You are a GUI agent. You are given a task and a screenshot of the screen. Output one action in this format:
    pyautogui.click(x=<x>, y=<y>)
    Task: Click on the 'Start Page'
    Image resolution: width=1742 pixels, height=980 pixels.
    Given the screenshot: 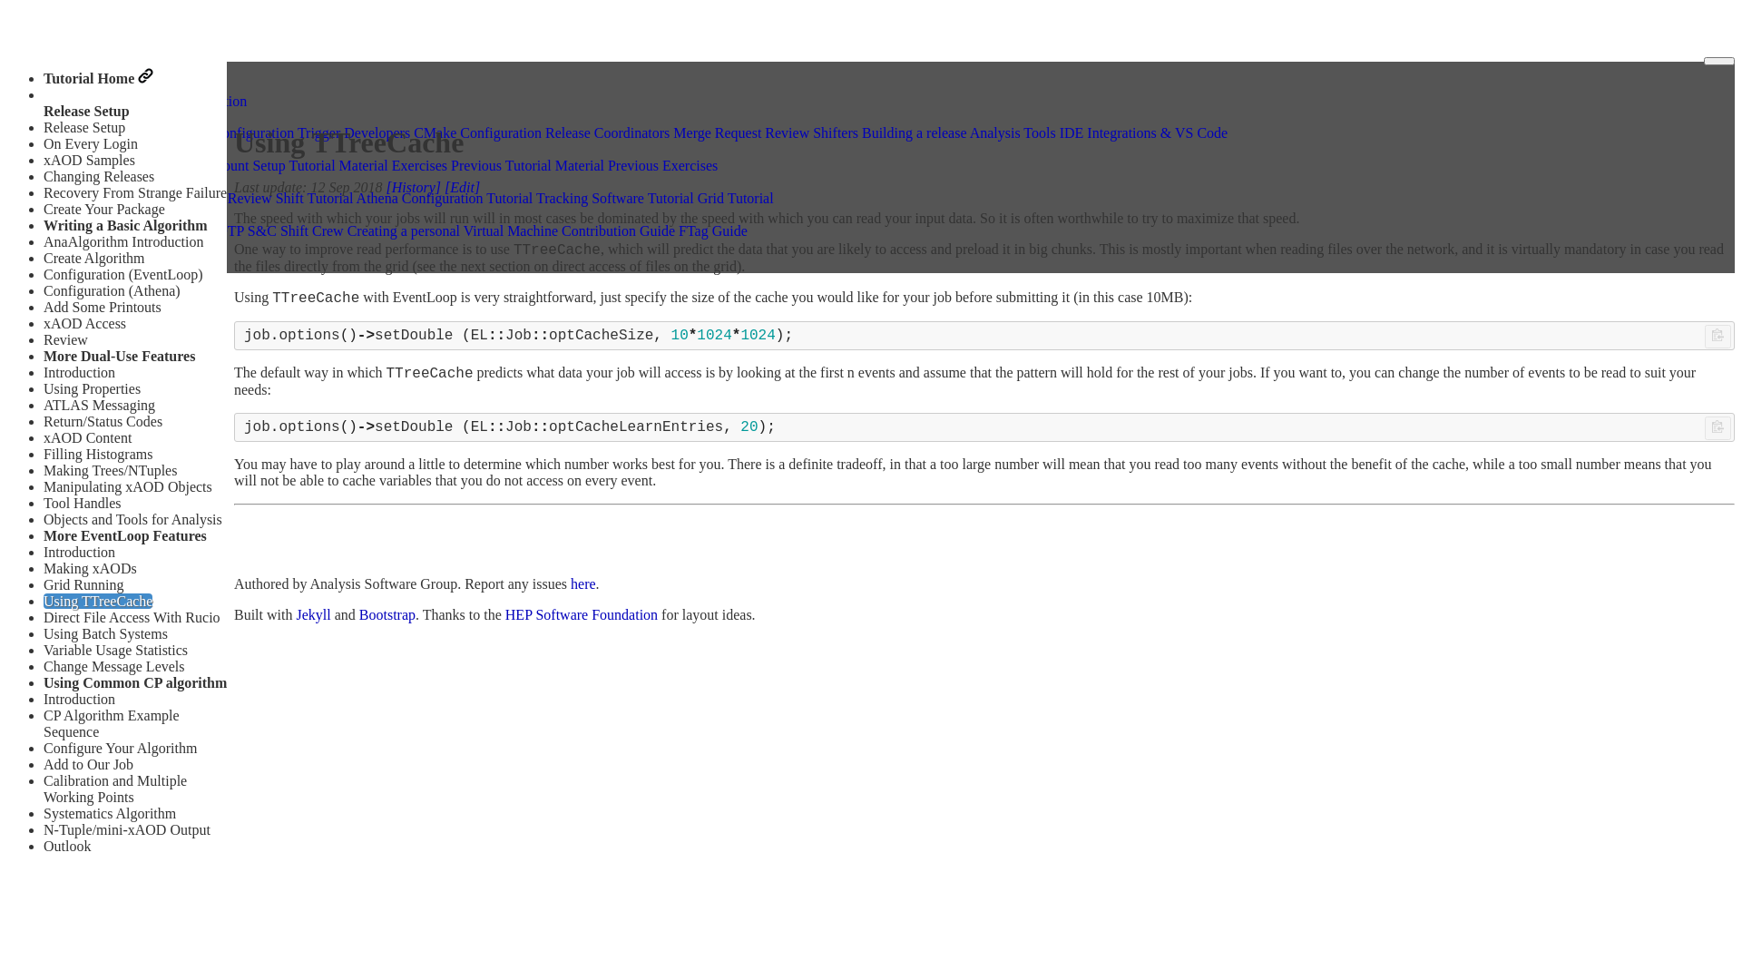 What is the action you would take?
    pyautogui.click(x=52, y=165)
    